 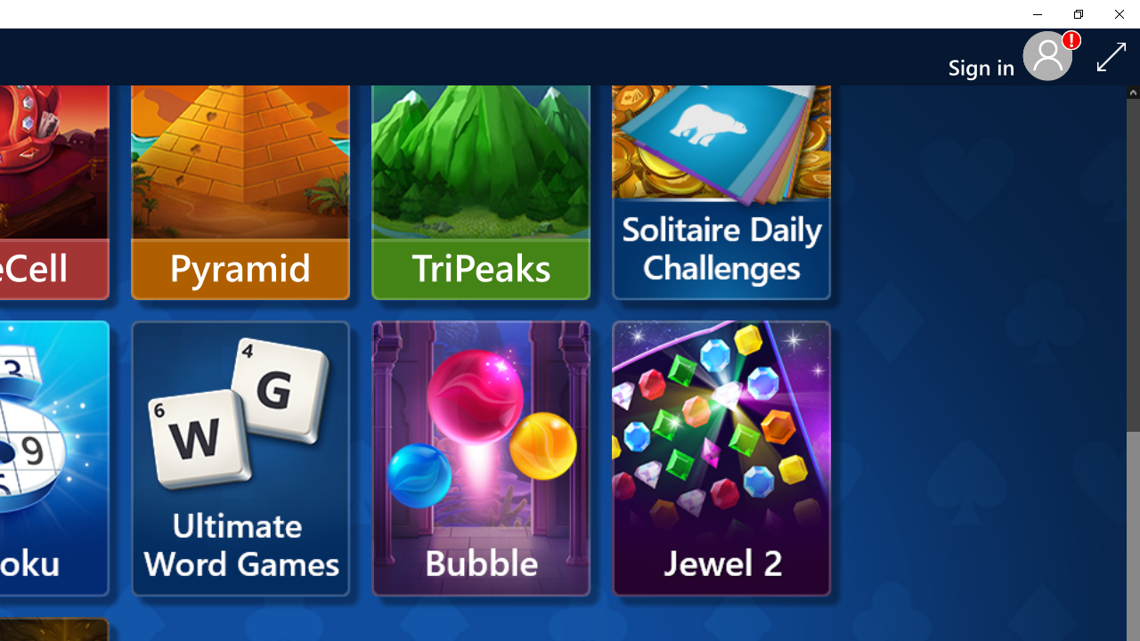 What do you see at coordinates (721, 458) in the screenshot?
I see `'Microsoft Jewel 2'` at bounding box center [721, 458].